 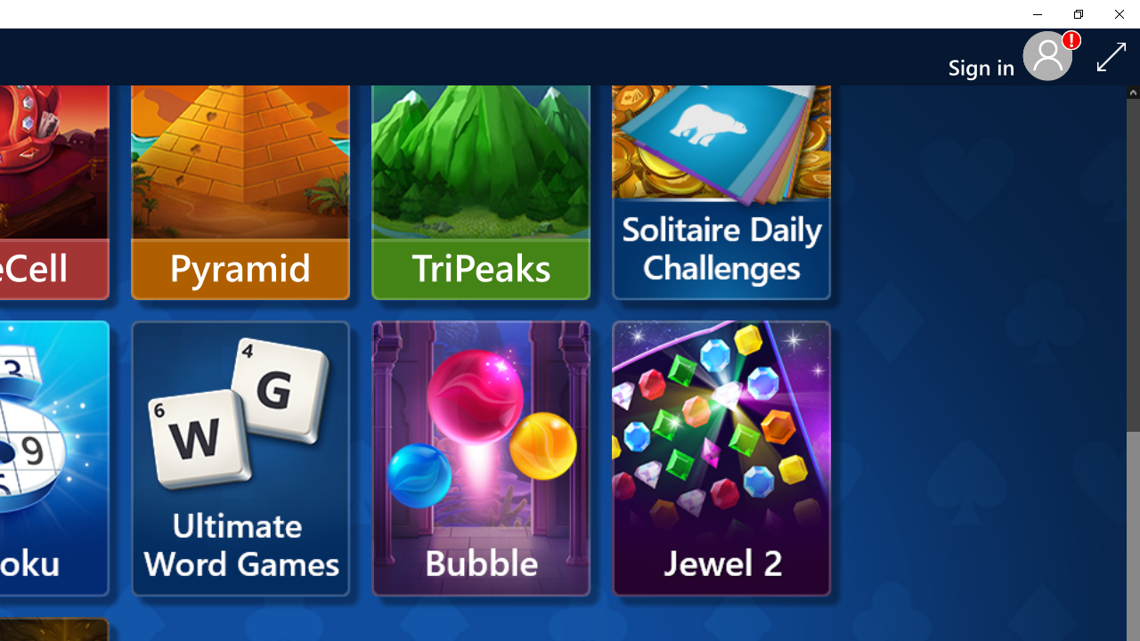 What do you see at coordinates (721, 458) in the screenshot?
I see `'Microsoft Jewel 2'` at bounding box center [721, 458].